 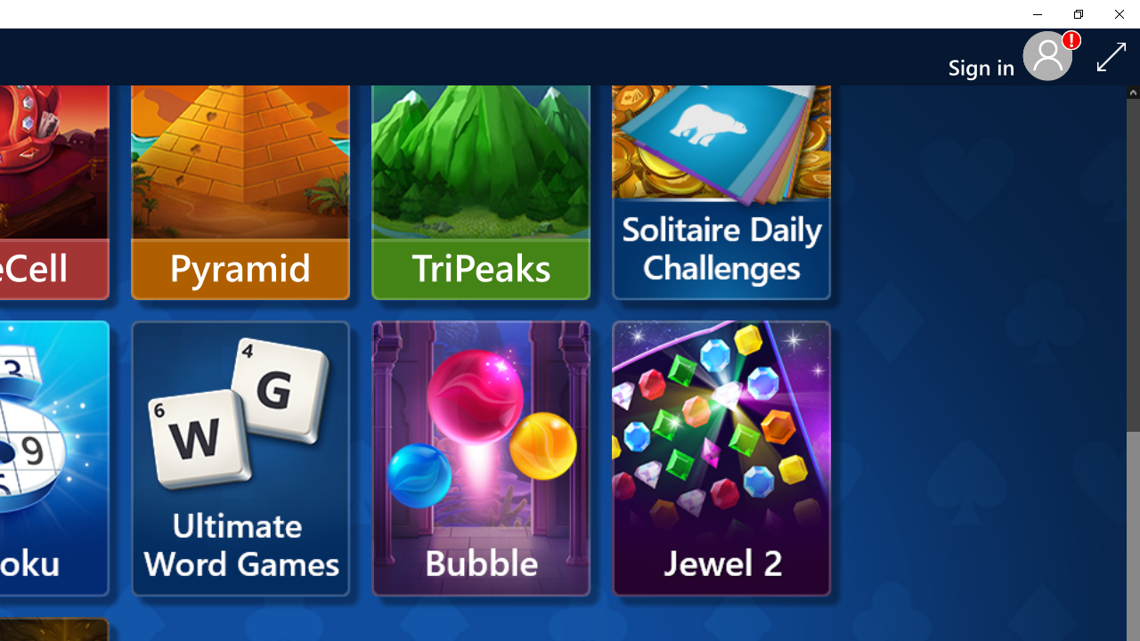 What do you see at coordinates (721, 458) in the screenshot?
I see `'Microsoft Jewel 2'` at bounding box center [721, 458].